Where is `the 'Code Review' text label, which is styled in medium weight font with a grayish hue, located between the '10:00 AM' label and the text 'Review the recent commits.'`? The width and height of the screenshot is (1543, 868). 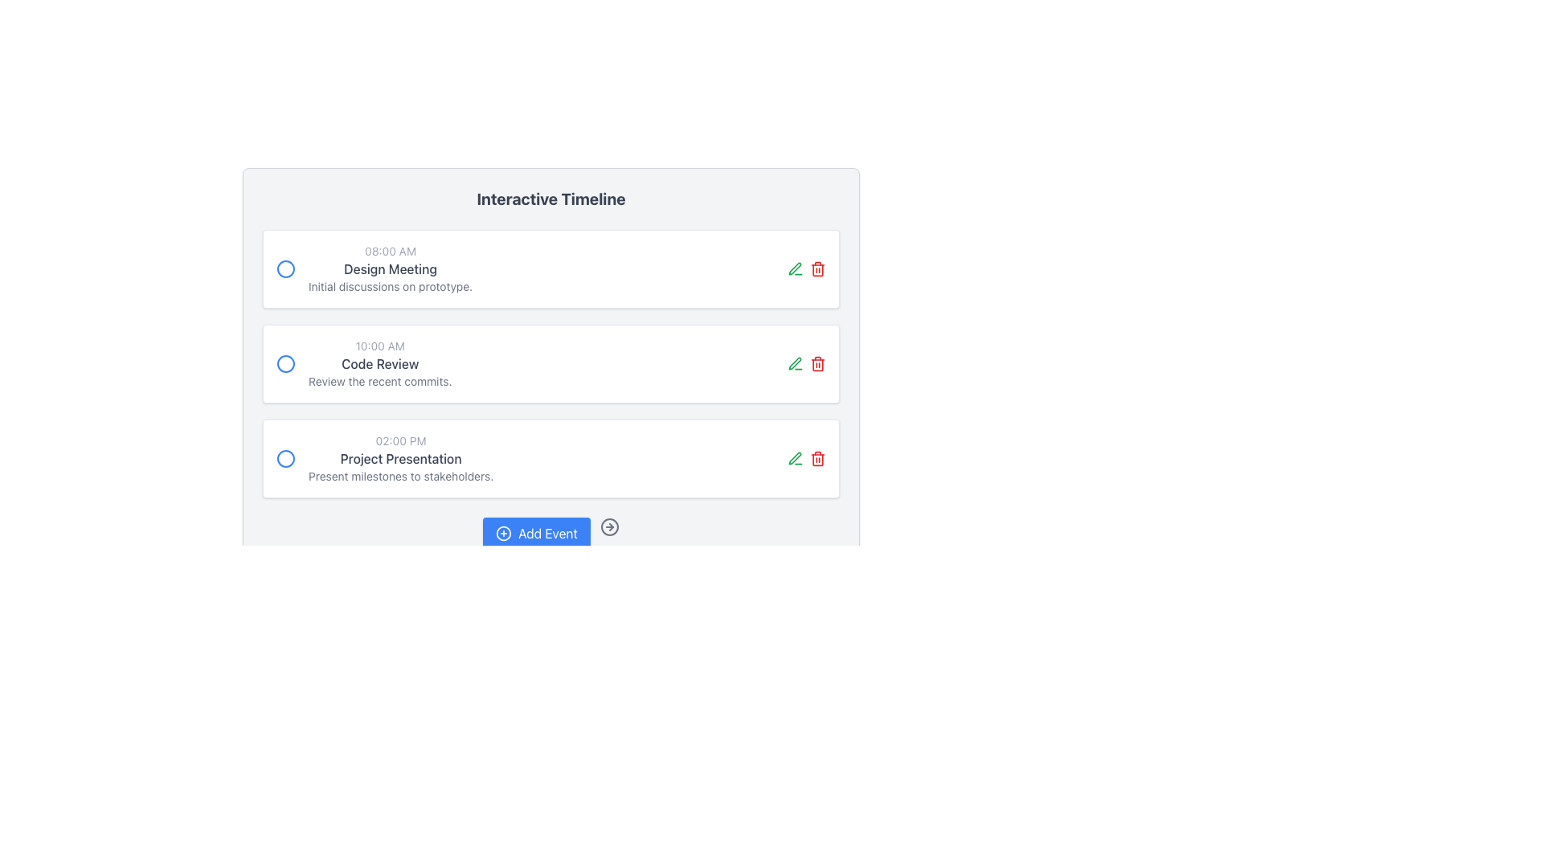 the 'Code Review' text label, which is styled in medium weight font with a grayish hue, located between the '10:00 AM' label and the text 'Review the recent commits.' is located at coordinates (379, 363).